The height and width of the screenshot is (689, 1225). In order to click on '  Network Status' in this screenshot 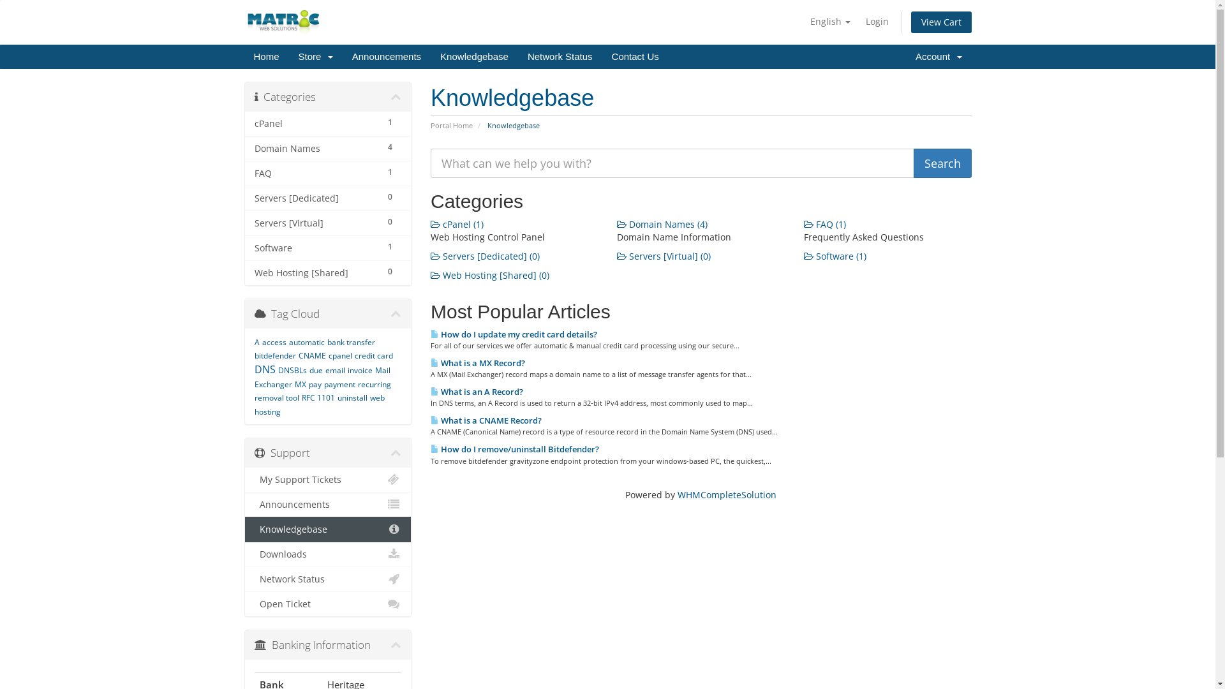, I will do `click(245, 579)`.